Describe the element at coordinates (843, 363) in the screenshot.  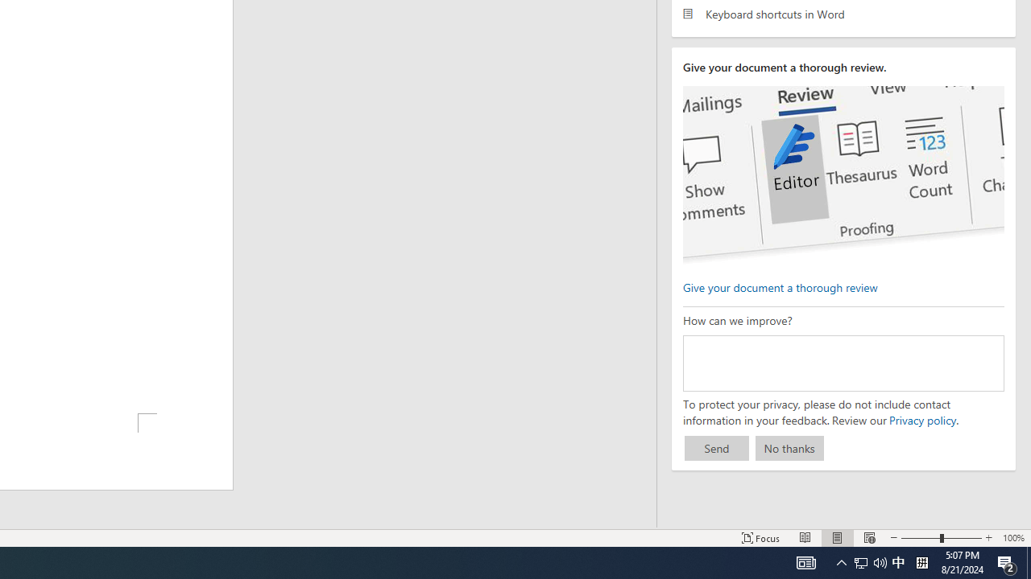
I see `'How can we improve?'` at that location.